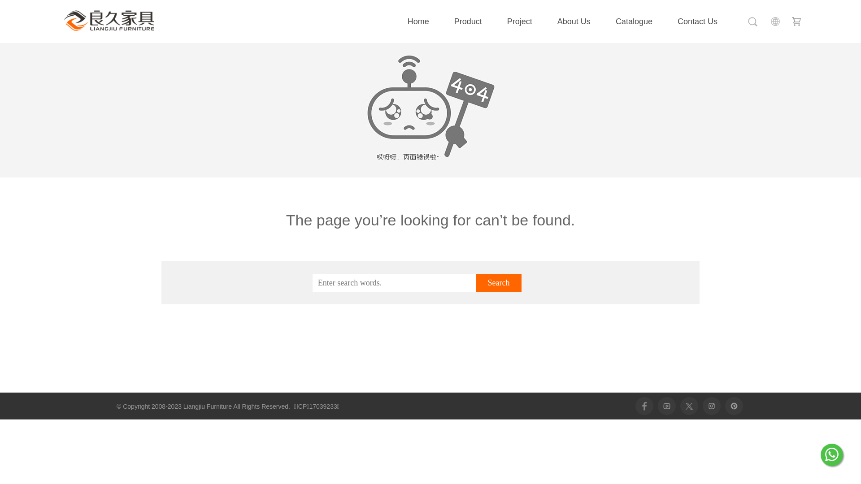 The image size is (861, 484). Describe the element at coordinates (417, 21) in the screenshot. I see `'Home'` at that location.